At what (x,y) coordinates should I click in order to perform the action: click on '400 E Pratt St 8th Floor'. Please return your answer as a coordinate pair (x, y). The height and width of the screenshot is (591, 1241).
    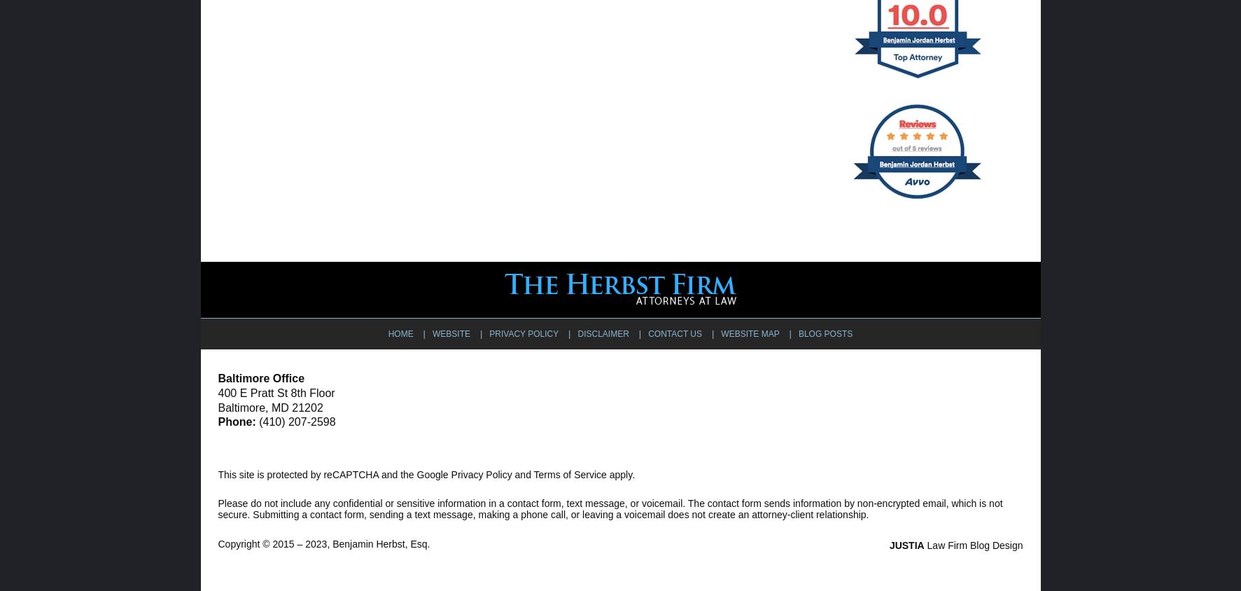
    Looking at the image, I should click on (276, 392).